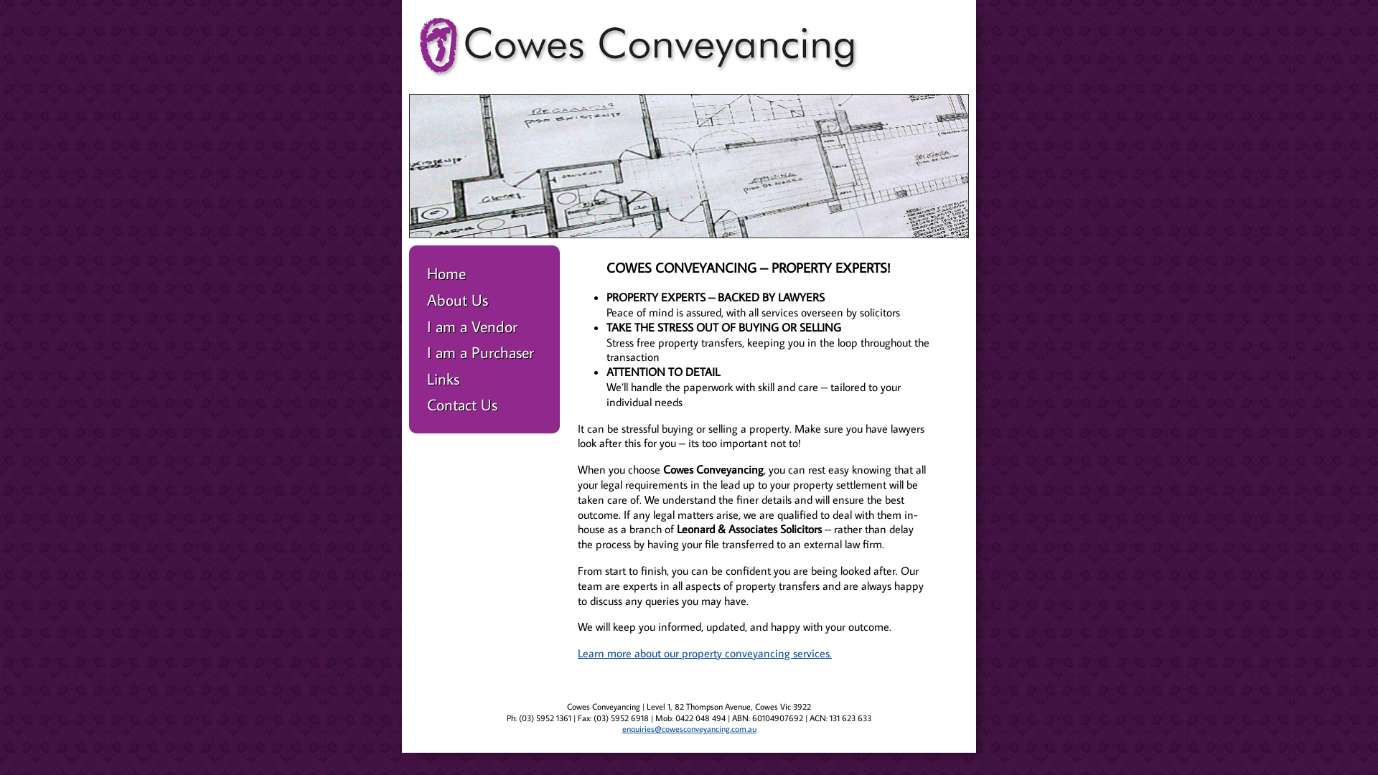 The height and width of the screenshot is (775, 1378). What do you see at coordinates (484, 299) in the screenshot?
I see `'About Us'` at bounding box center [484, 299].